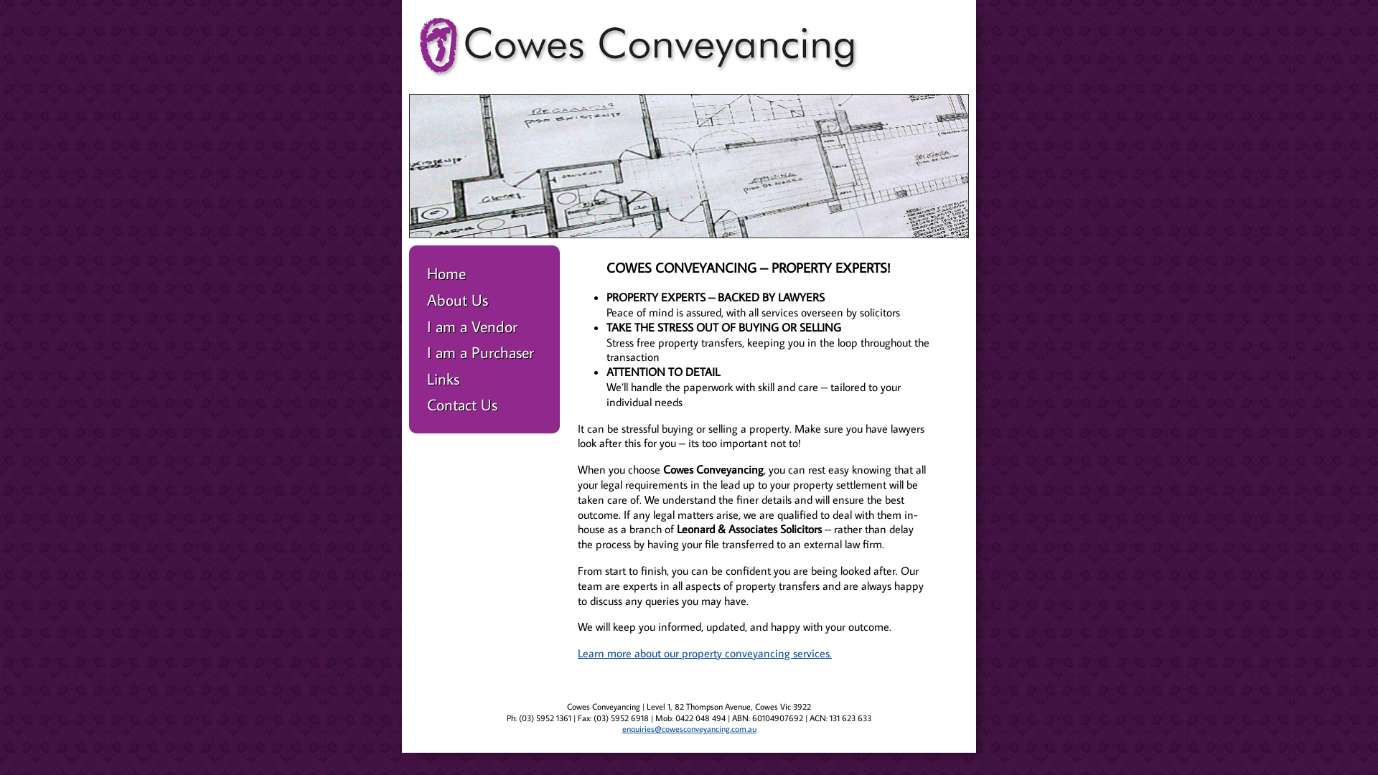 The height and width of the screenshot is (775, 1378). What do you see at coordinates (484, 299) in the screenshot?
I see `'About Us'` at bounding box center [484, 299].